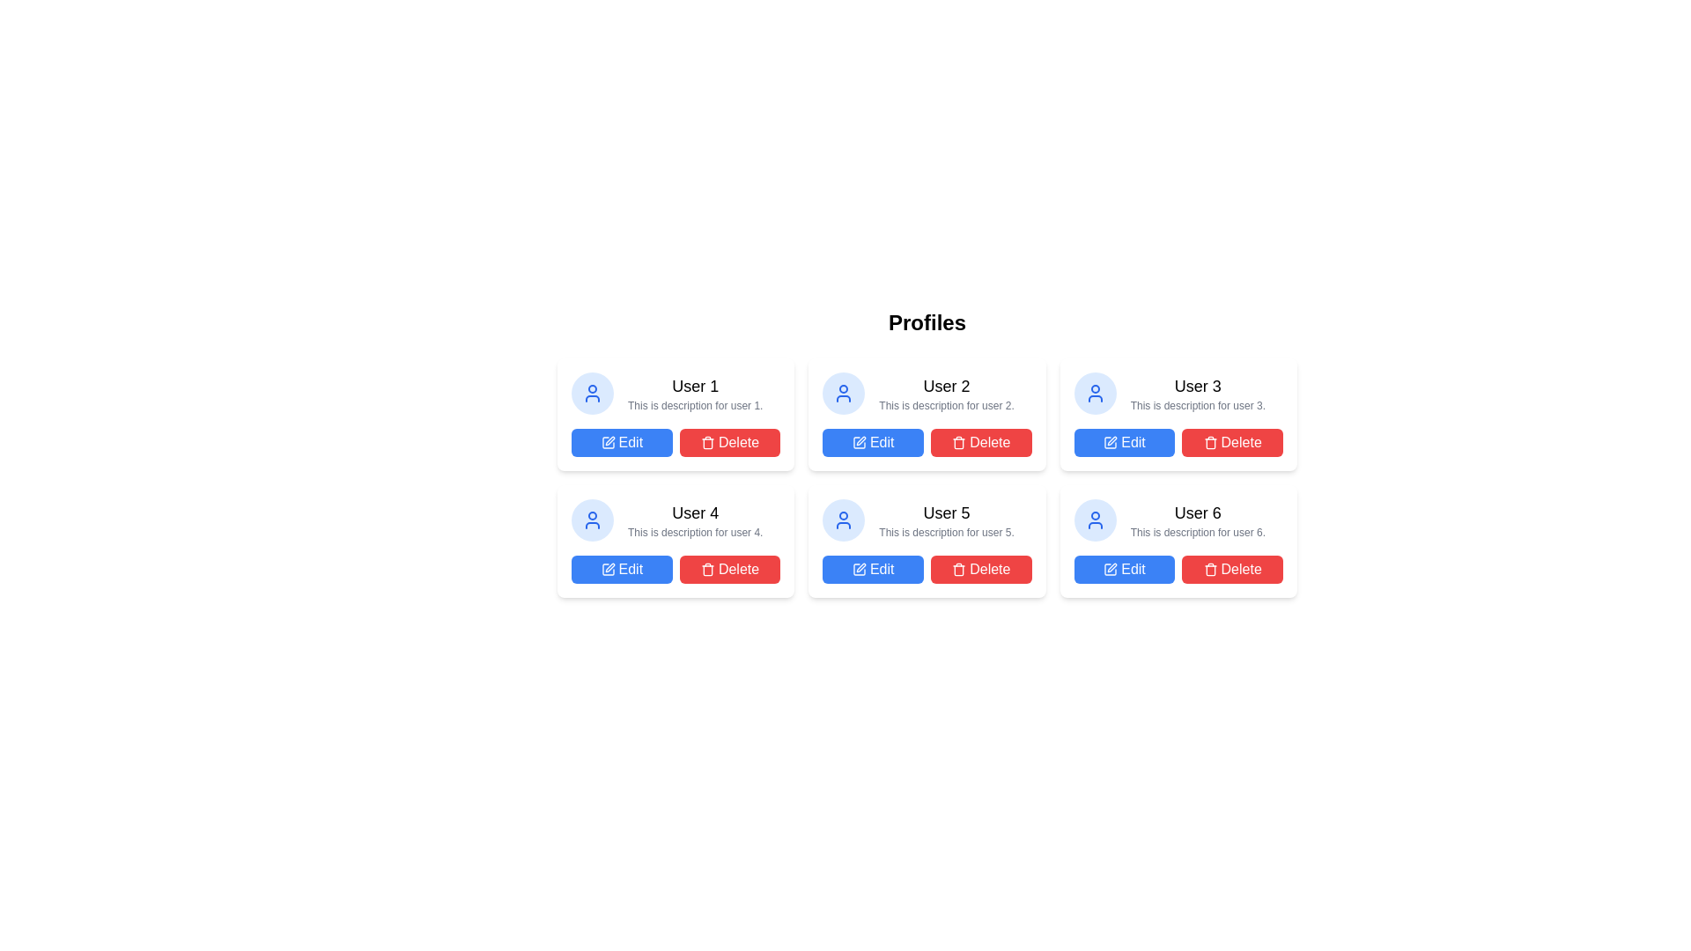  Describe the element at coordinates (946, 512) in the screenshot. I see `the text label that displays the user's name in the profile card located in the second row, third column of the user profile grid` at that location.